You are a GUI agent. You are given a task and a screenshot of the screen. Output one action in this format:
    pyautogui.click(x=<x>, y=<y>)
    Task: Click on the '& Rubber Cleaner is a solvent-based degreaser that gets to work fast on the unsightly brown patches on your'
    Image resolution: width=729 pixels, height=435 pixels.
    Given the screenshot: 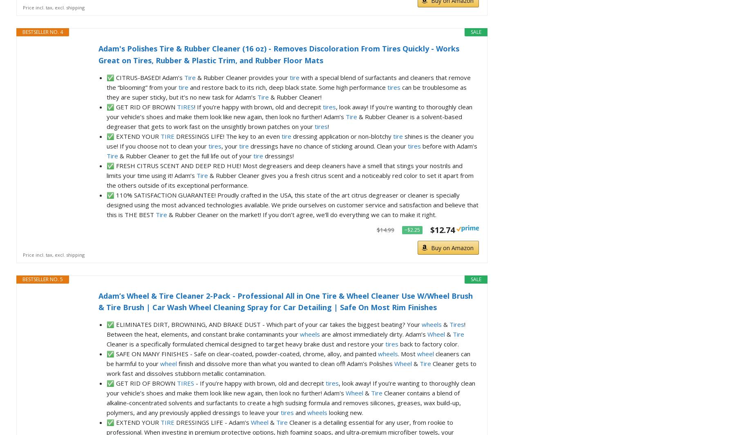 What is the action you would take?
    pyautogui.click(x=284, y=121)
    